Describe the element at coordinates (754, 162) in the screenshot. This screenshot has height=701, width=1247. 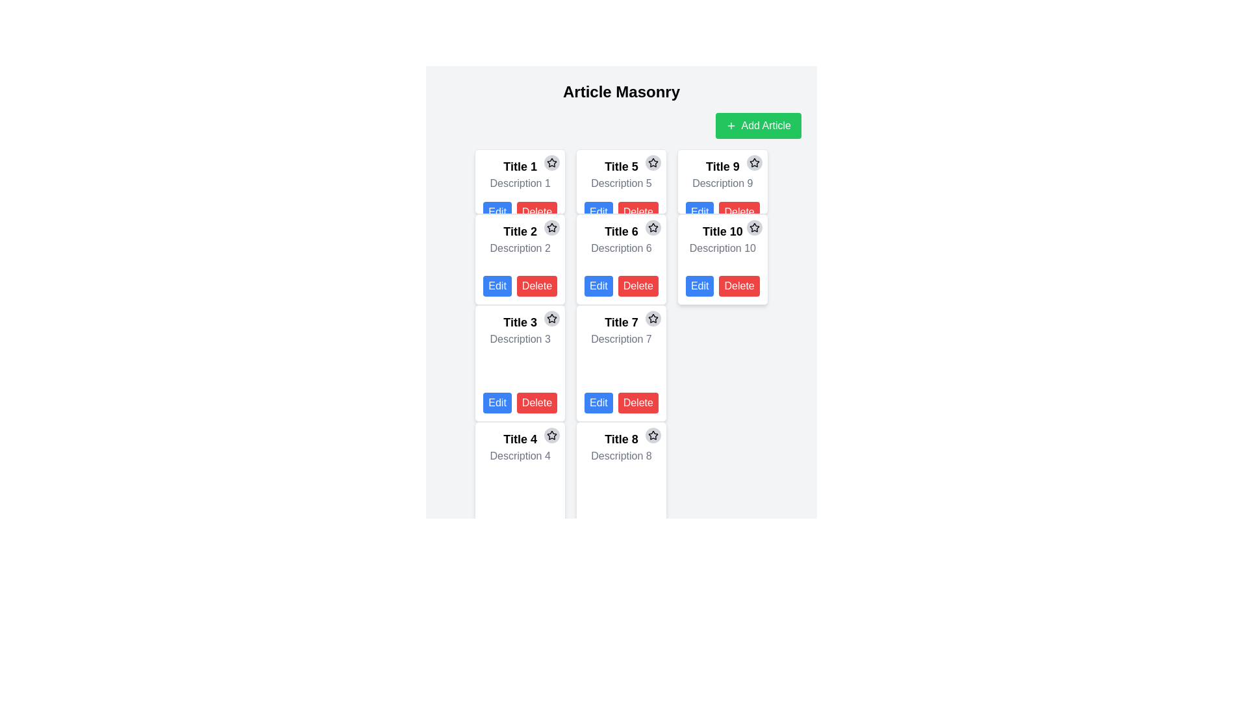
I see `the star icon located in the top-right corner of the card titled 'Title 10'` at that location.